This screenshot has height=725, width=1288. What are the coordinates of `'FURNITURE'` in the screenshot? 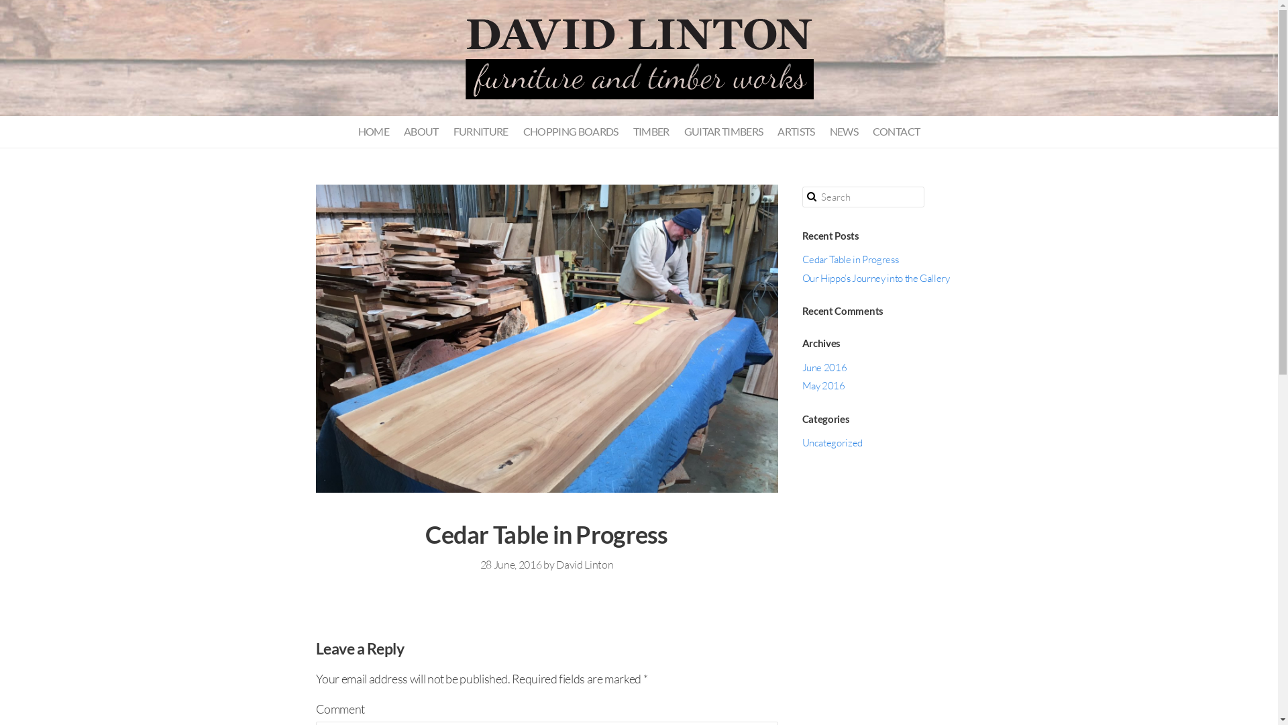 It's located at (480, 132).